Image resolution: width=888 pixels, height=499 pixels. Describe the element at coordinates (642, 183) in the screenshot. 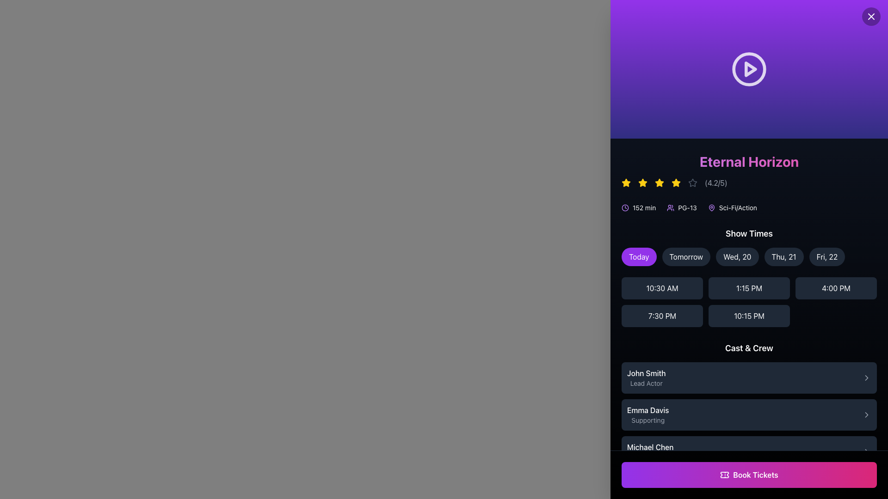

I see `the second star icon in the sequence, which is a five-pointed yellow star` at that location.